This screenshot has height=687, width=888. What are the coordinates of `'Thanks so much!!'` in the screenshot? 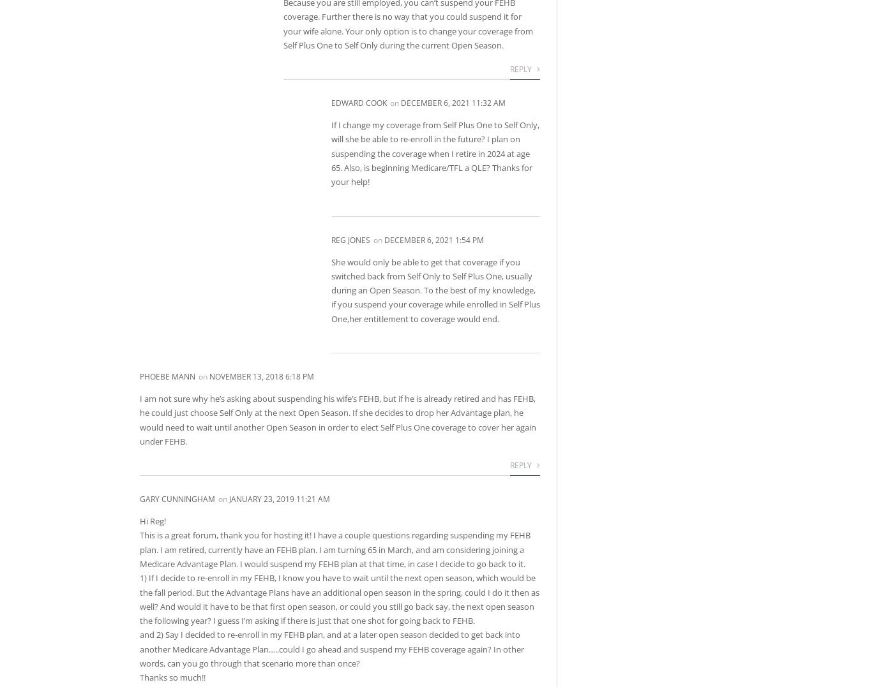 It's located at (172, 677).